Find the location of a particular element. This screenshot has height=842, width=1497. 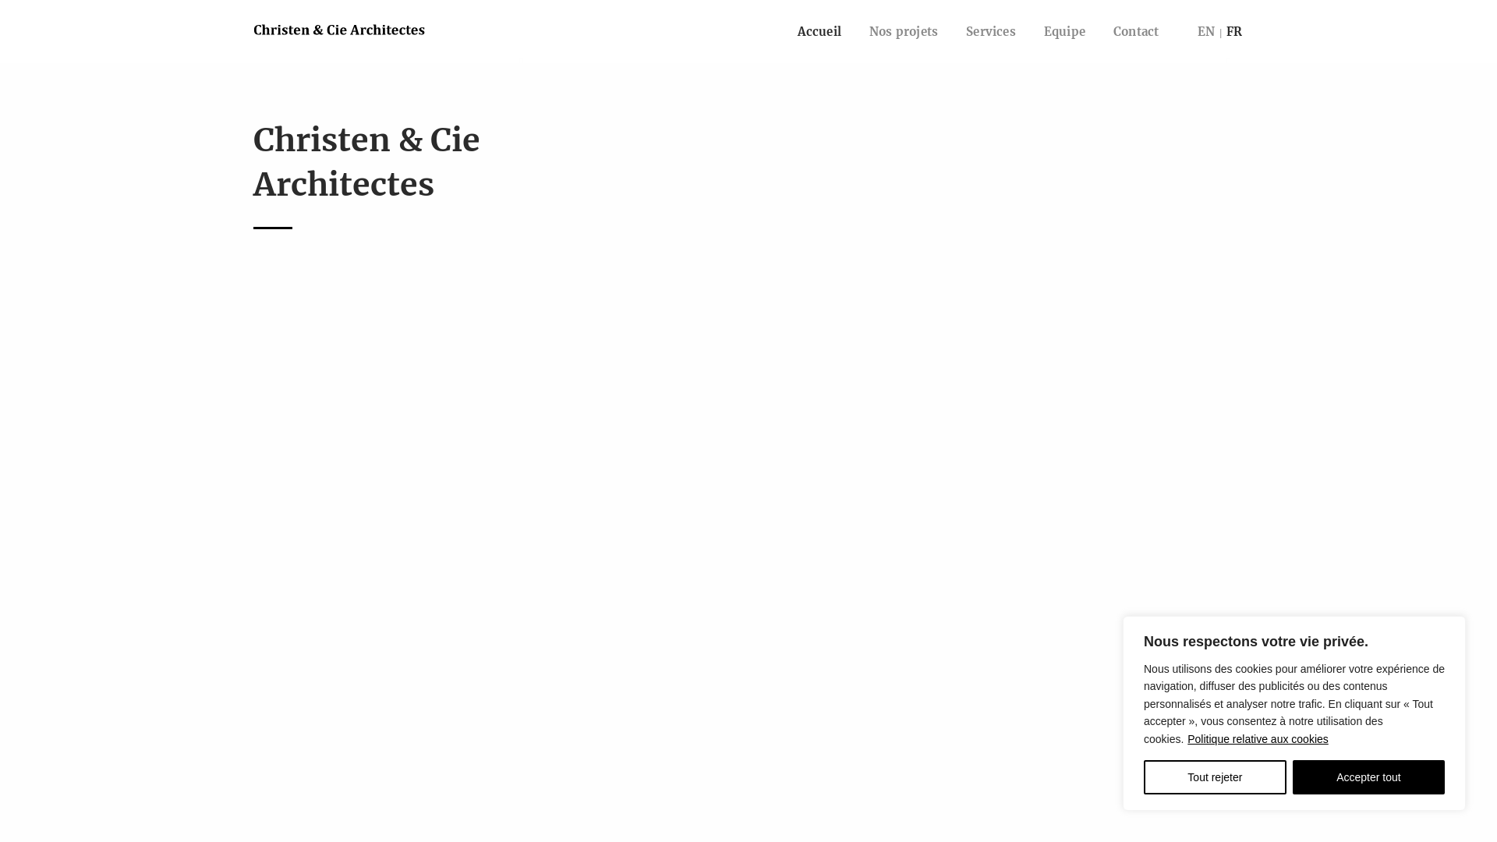

'Nos projets' is located at coordinates (855, 31).